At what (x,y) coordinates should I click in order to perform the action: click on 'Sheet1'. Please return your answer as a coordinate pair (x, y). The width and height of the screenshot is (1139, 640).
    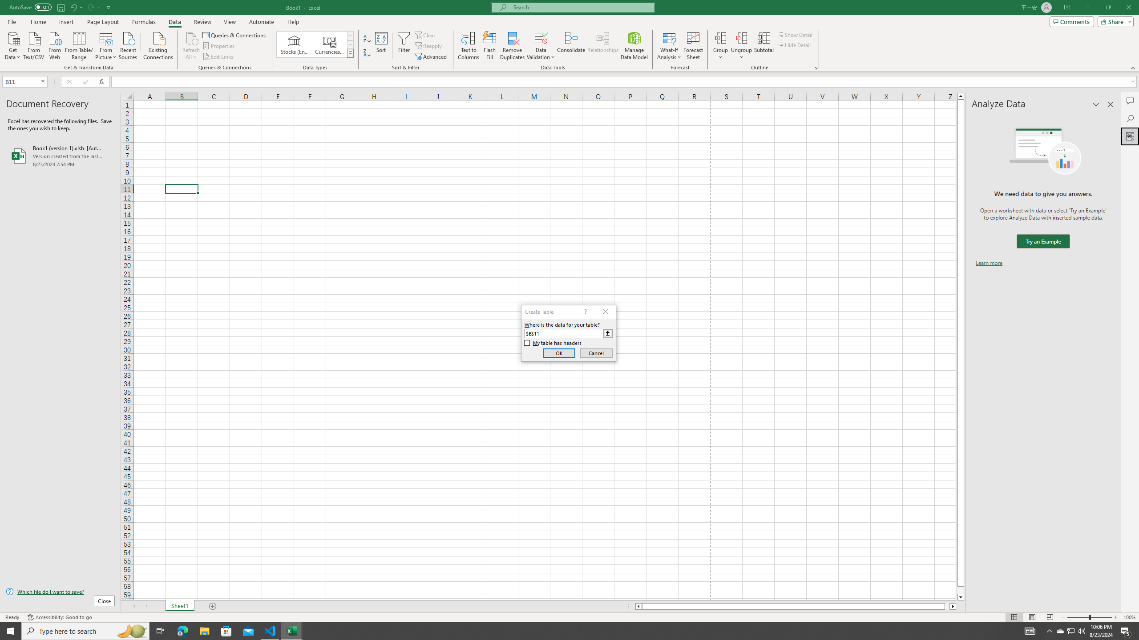
    Looking at the image, I should click on (179, 606).